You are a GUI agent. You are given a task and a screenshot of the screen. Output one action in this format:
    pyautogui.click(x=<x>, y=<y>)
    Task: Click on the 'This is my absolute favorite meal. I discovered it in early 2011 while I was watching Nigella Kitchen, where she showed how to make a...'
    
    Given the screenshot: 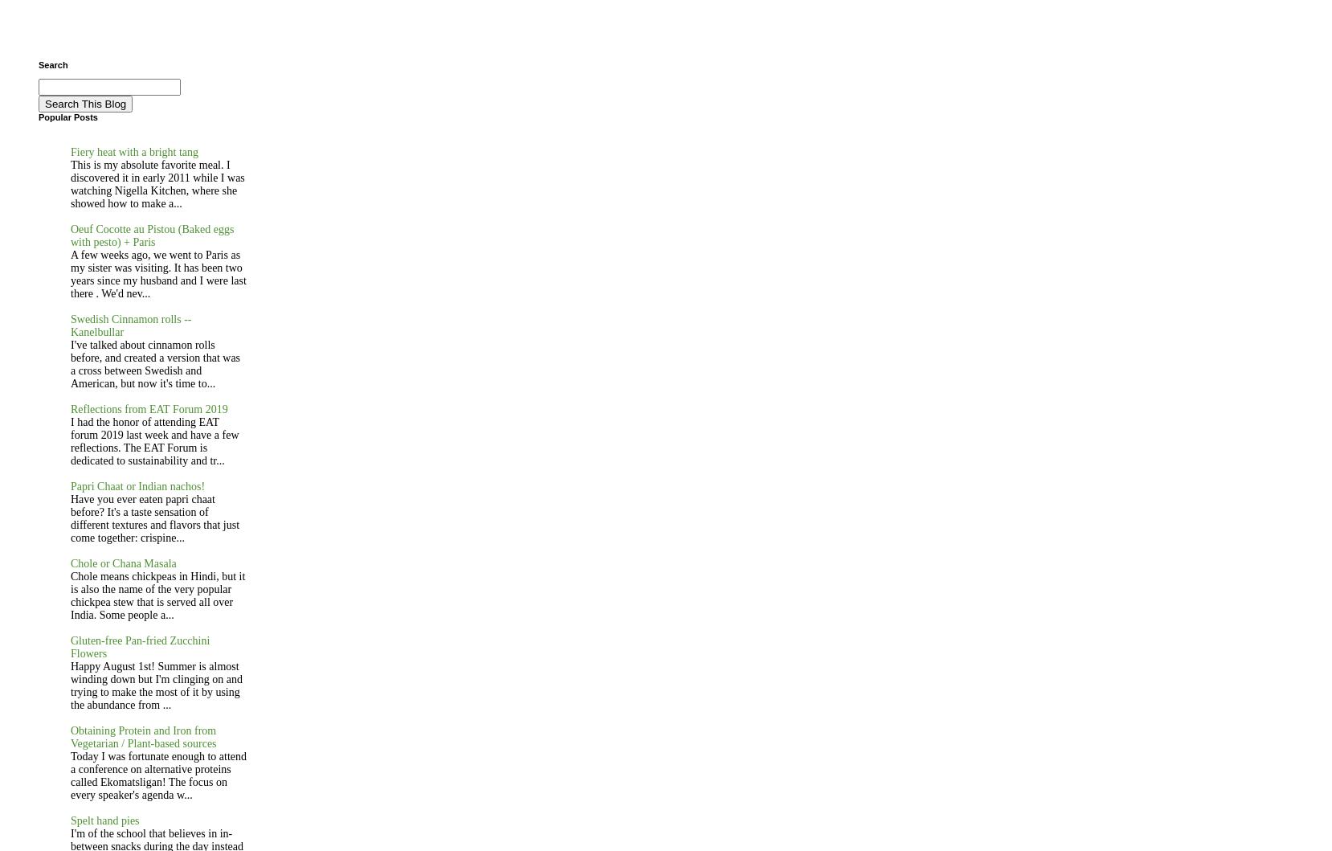 What is the action you would take?
    pyautogui.click(x=157, y=184)
    